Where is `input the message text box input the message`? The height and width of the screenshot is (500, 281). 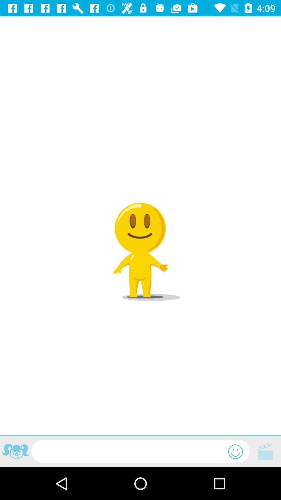
input the message text box input the message is located at coordinates (130, 451).